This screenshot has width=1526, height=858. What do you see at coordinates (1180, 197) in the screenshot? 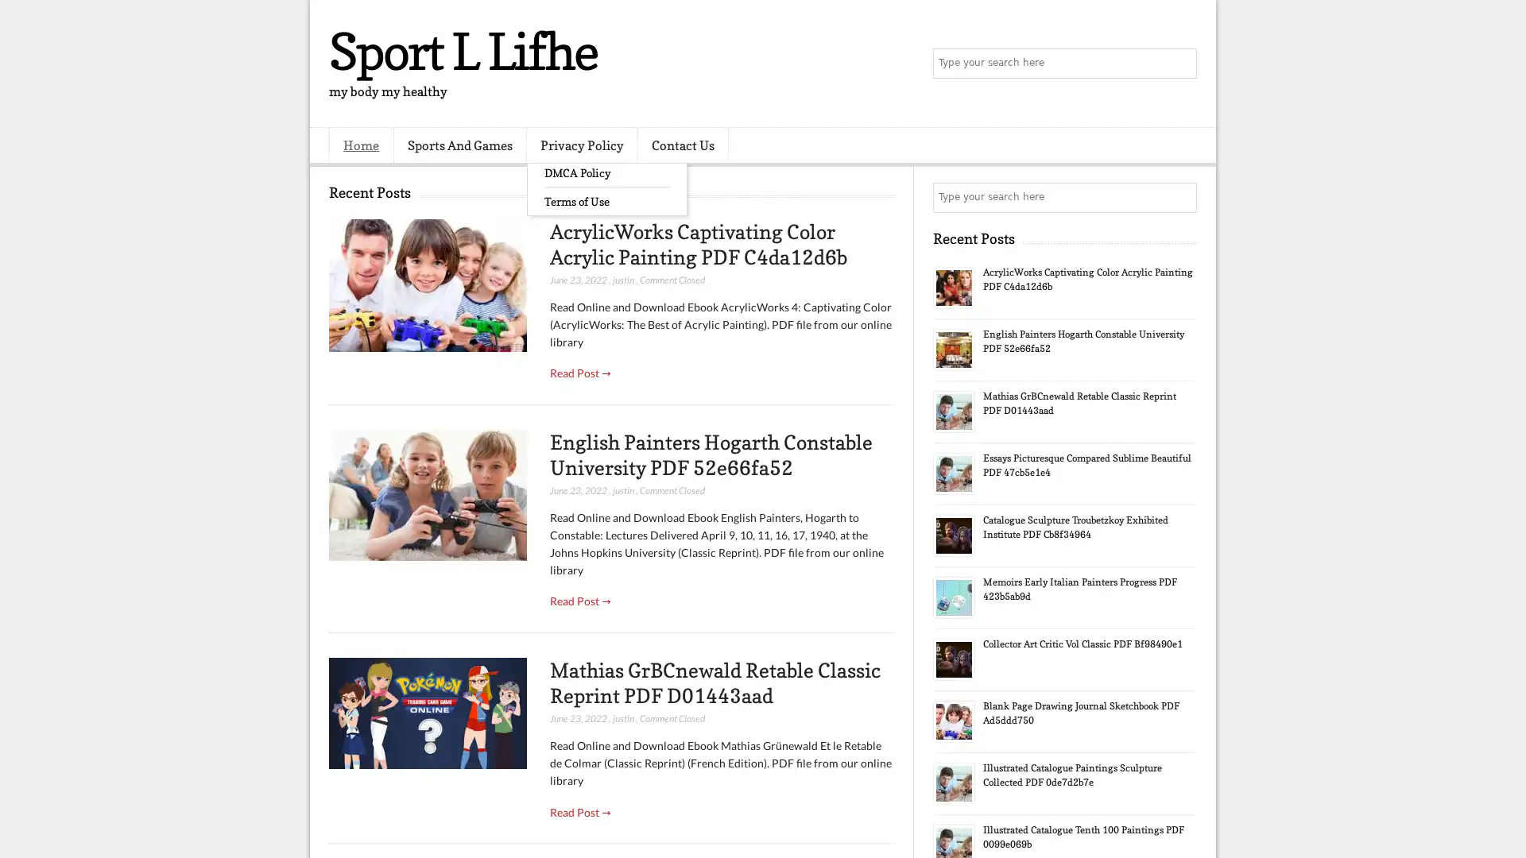
I see `Search` at bounding box center [1180, 197].